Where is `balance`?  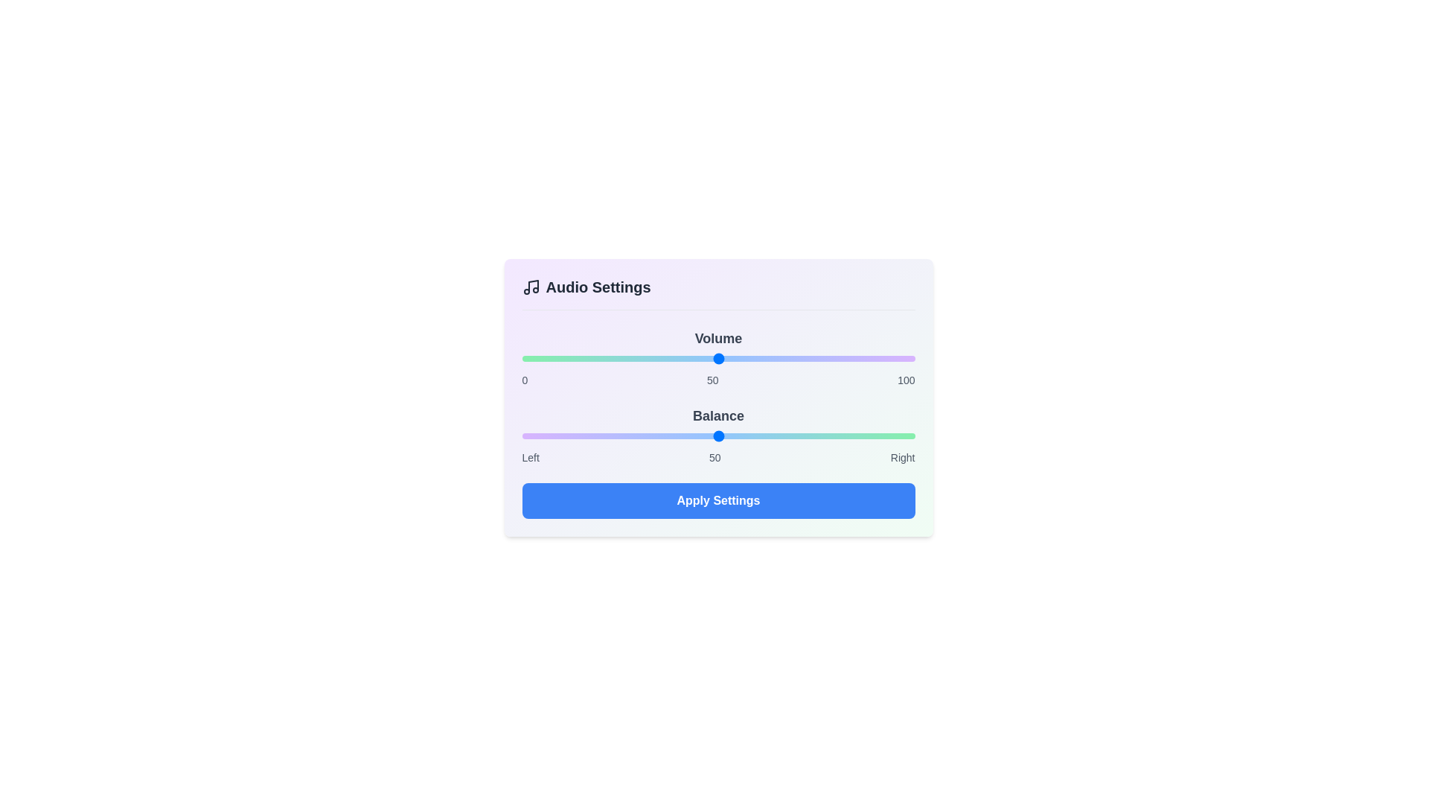 balance is located at coordinates (722, 435).